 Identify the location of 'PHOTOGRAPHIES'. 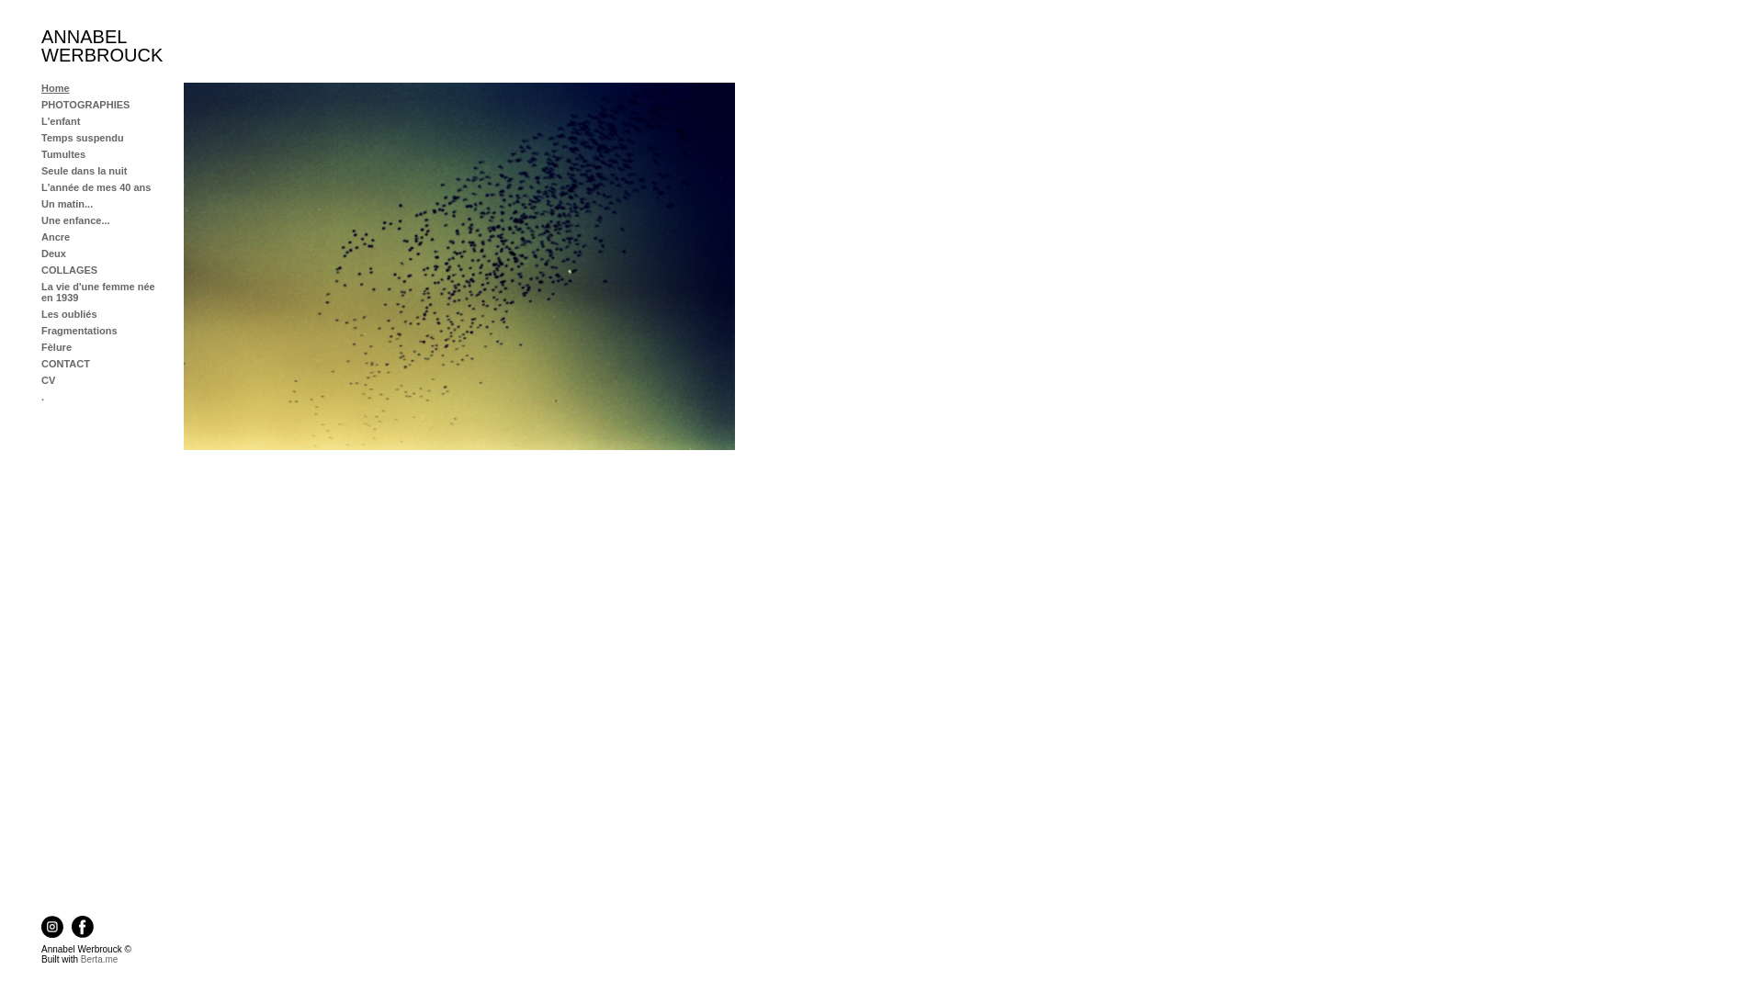
(84, 105).